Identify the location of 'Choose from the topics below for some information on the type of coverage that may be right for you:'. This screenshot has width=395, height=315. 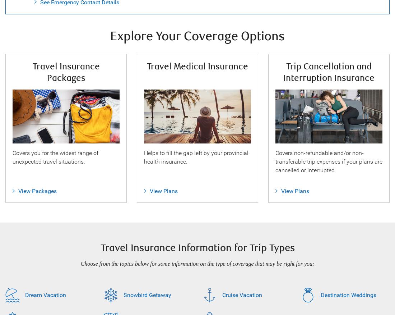
(80, 264).